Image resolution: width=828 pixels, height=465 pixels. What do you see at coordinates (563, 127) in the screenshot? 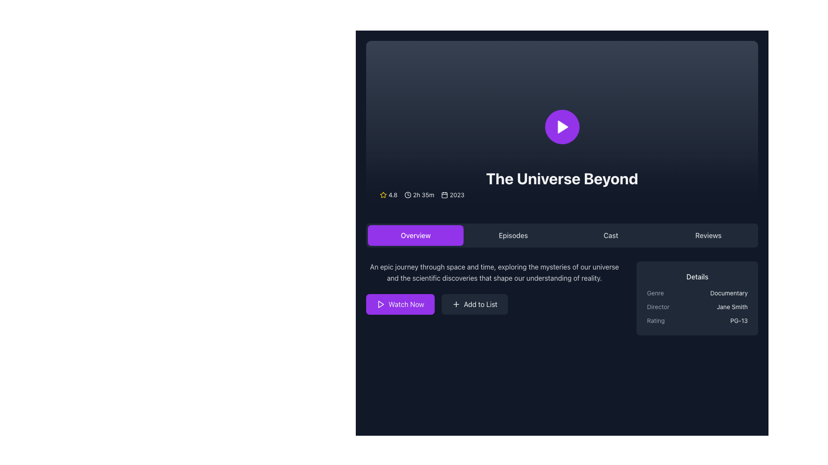
I see `the distinct triangular play icon within the circular button, which has a white triangle against a purple background, located in the upper-middle portion of the interface` at bounding box center [563, 127].